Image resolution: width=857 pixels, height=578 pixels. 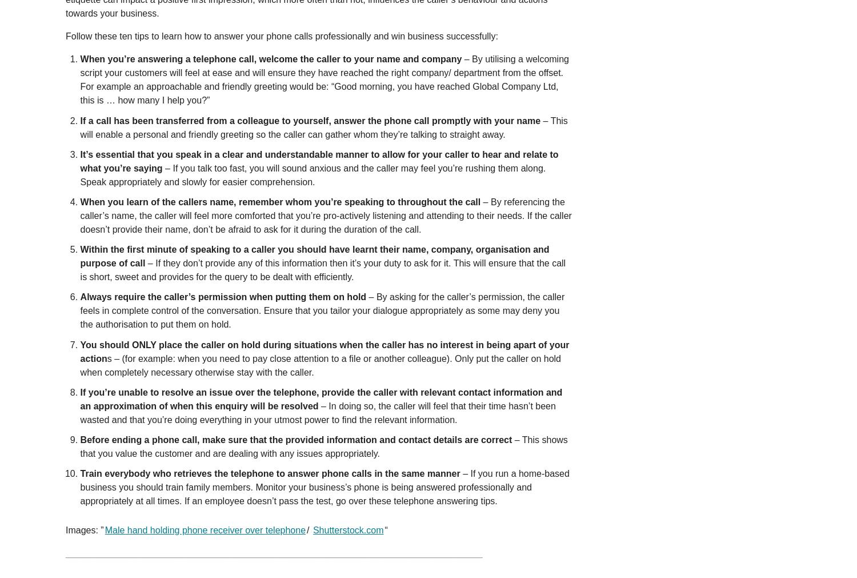 What do you see at coordinates (273, 553) in the screenshot?
I see `'__________________________________________________________________________________'` at bounding box center [273, 553].